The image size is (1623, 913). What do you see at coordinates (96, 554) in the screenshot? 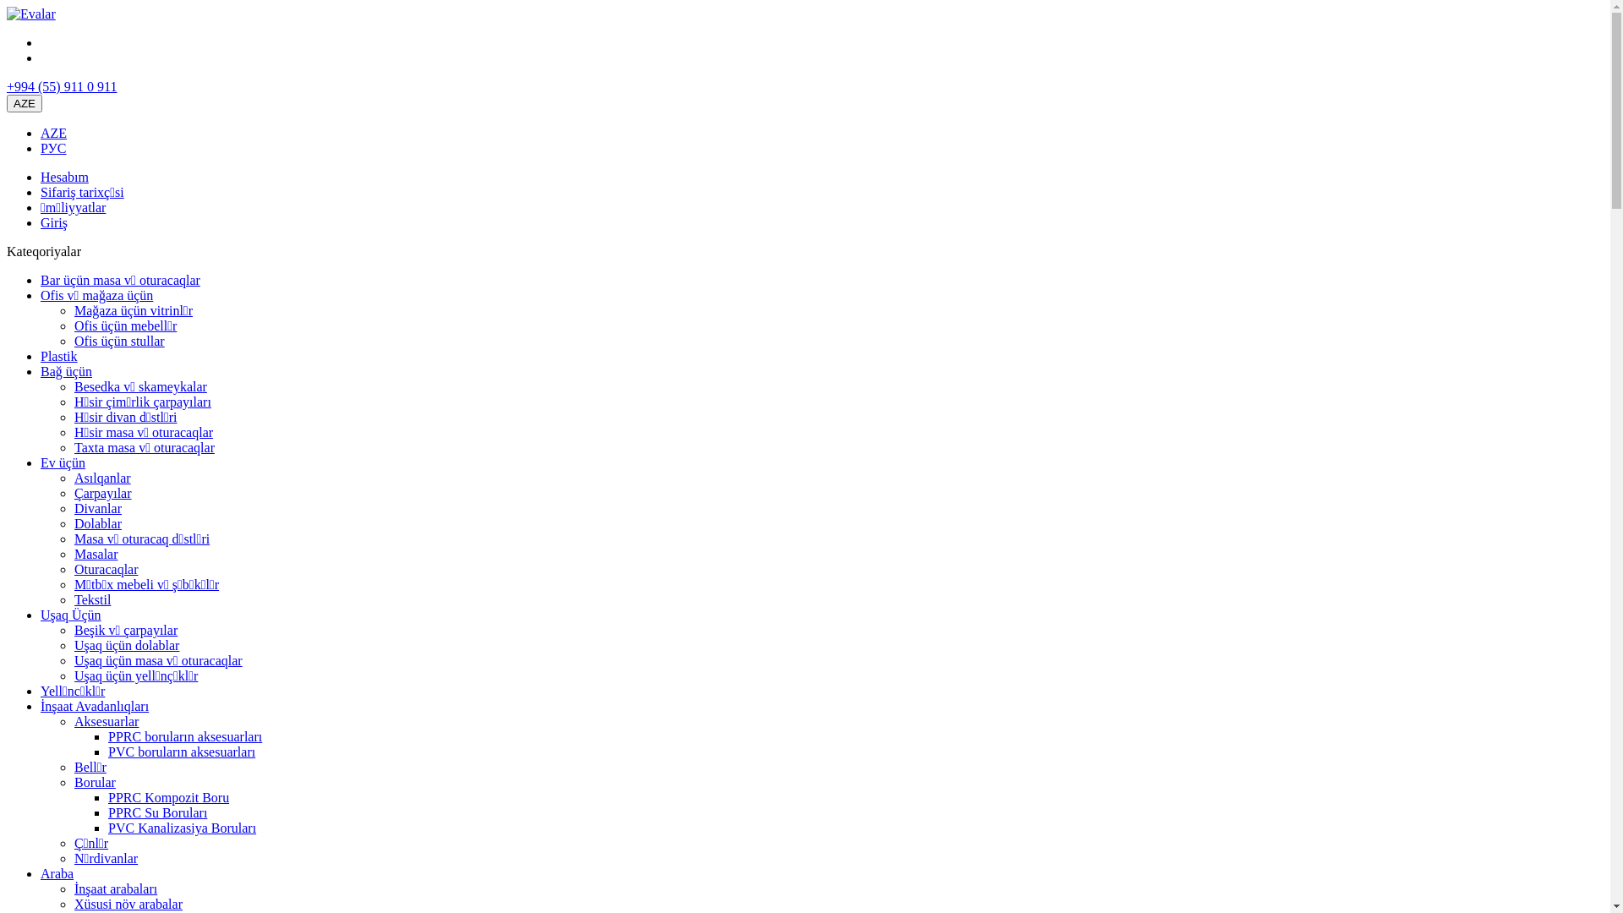
I see `'Masalar'` at bounding box center [96, 554].